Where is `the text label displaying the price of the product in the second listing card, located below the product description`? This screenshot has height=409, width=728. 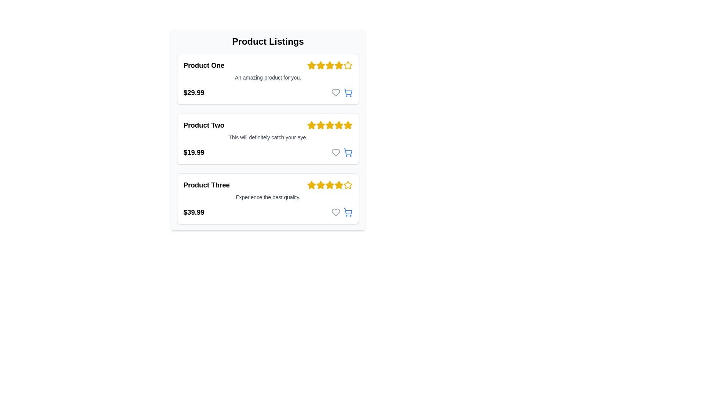
the text label displaying the price of the product in the second listing card, located below the product description is located at coordinates (194, 152).